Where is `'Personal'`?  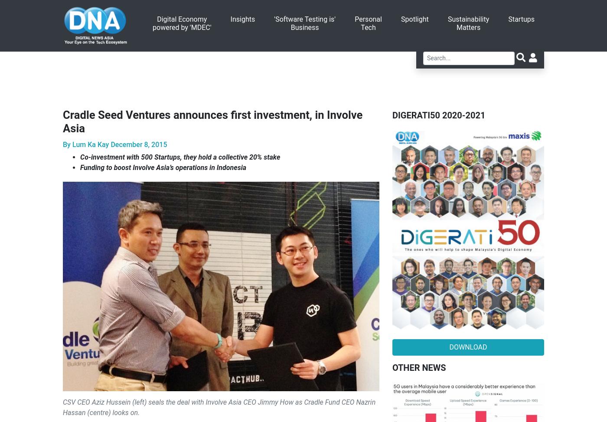 'Personal' is located at coordinates (355, 19).